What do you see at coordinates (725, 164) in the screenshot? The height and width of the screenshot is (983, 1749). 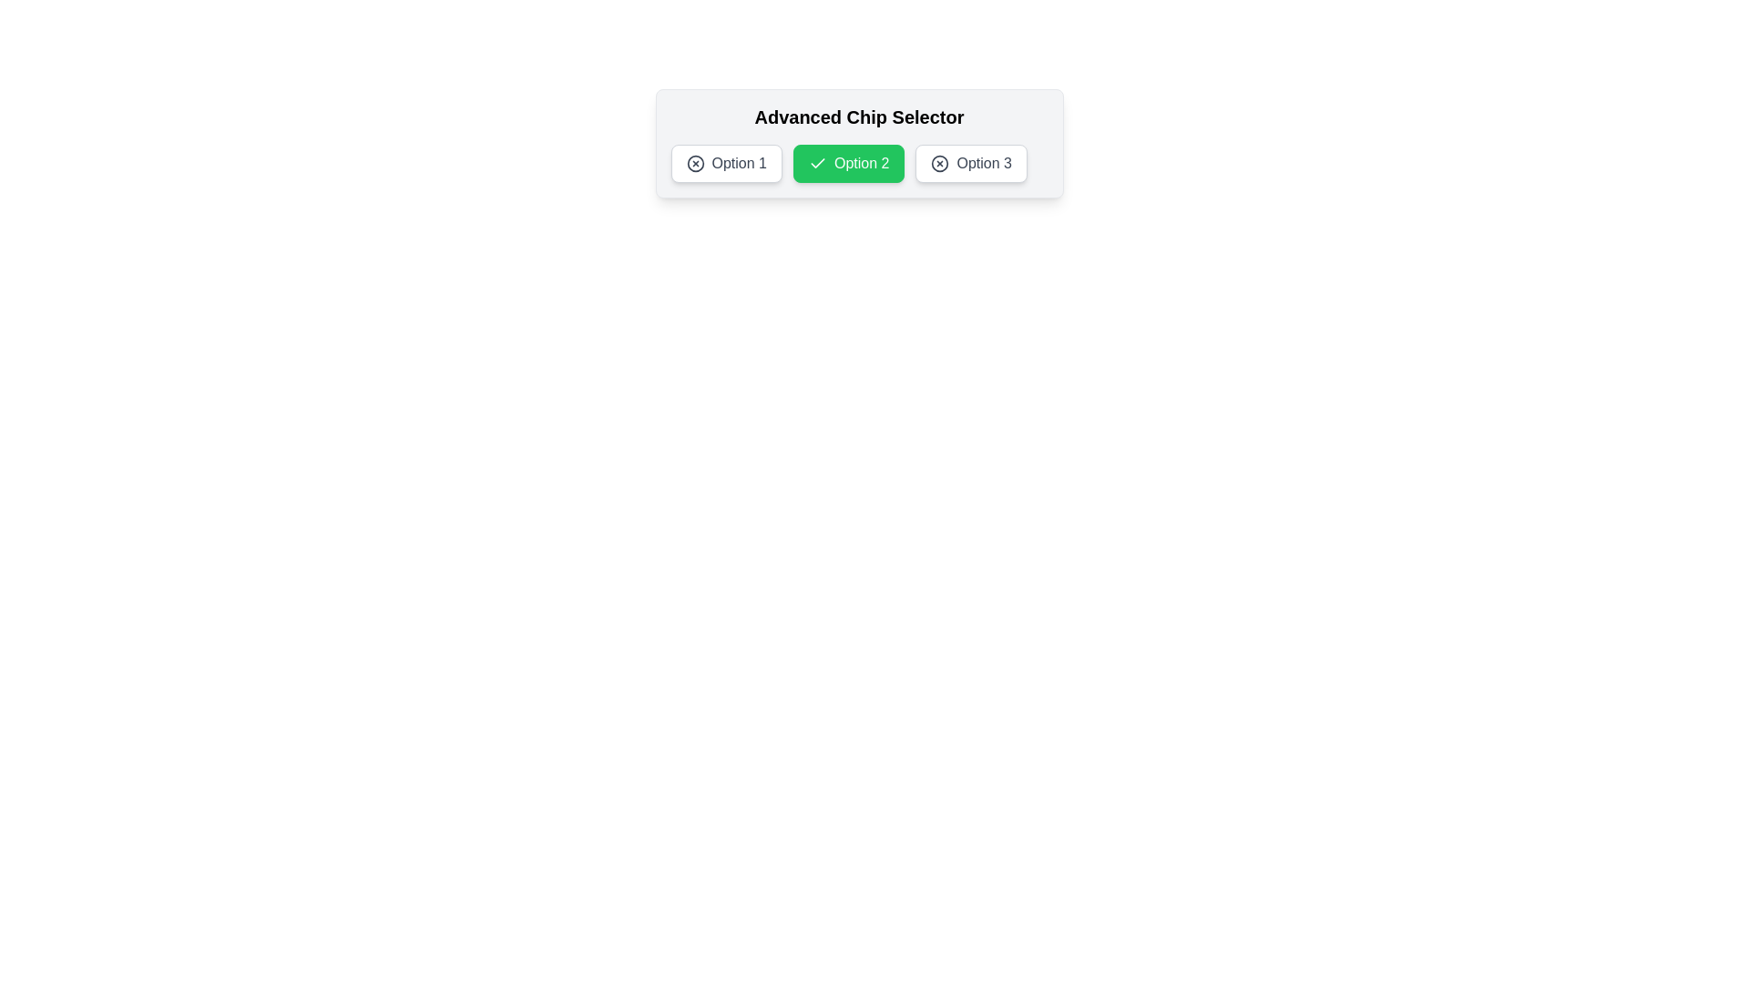 I see `the chip labeled Option 1` at bounding box center [725, 164].